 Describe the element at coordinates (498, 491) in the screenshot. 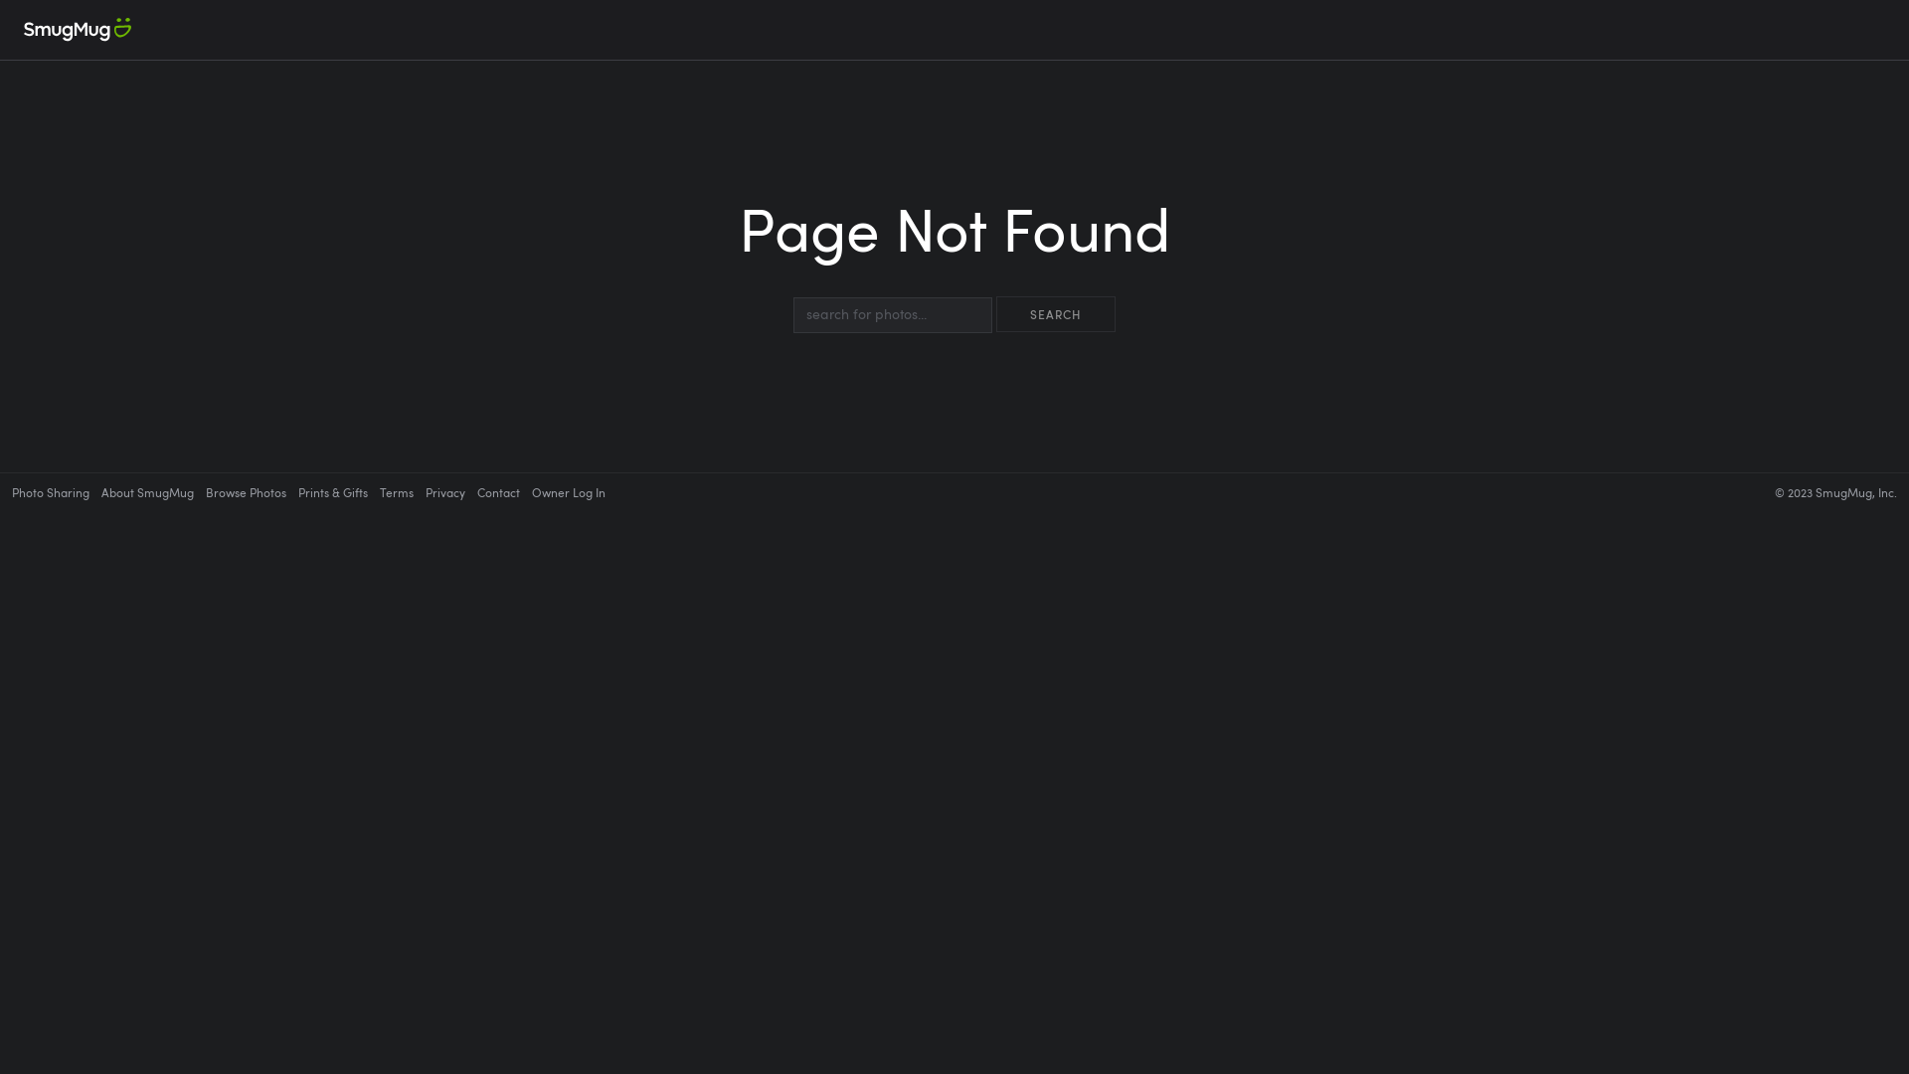

I see `'Contact'` at that location.